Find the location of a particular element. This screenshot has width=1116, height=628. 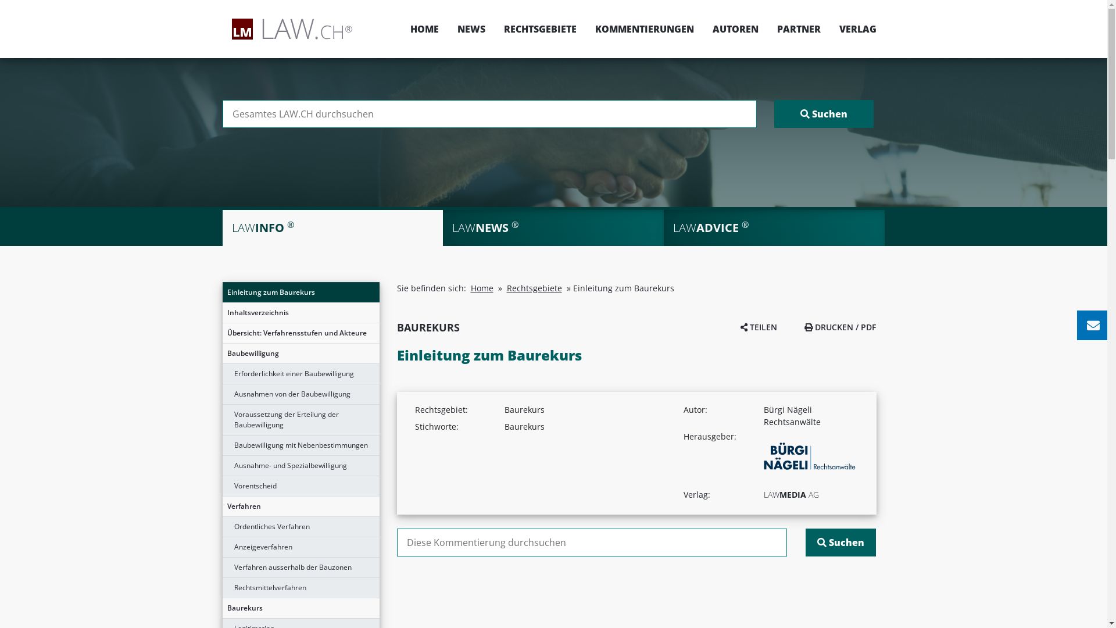

'PARTNER' is located at coordinates (797, 28).